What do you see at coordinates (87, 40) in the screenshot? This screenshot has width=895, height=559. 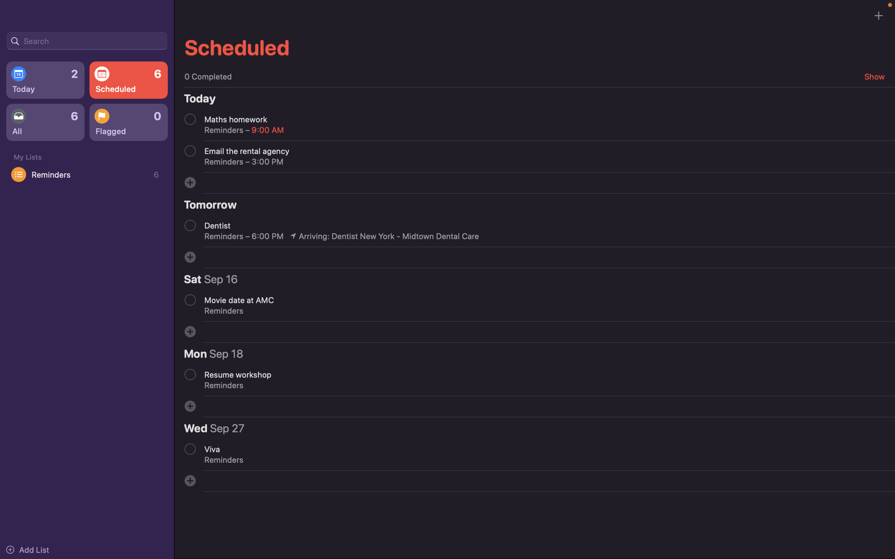 I see `Search for an event using the search bar` at bounding box center [87, 40].